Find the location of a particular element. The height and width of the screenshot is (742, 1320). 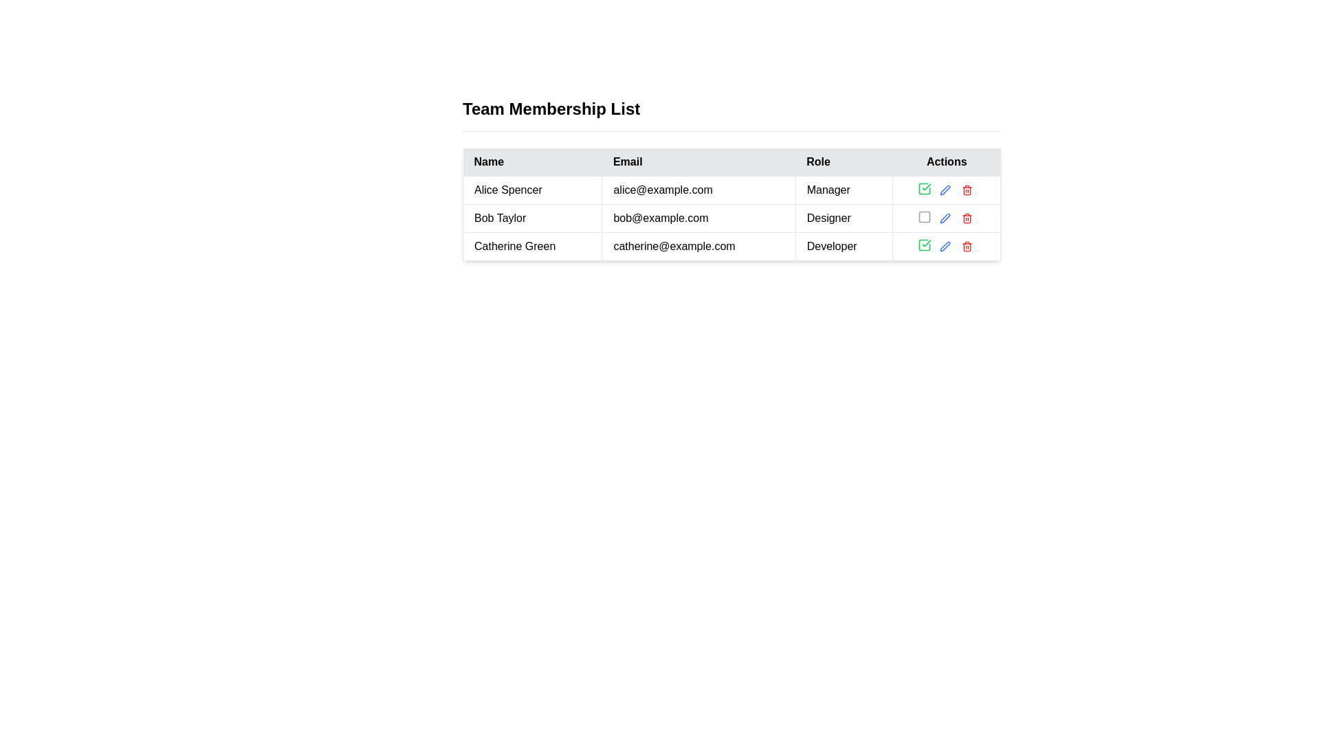

the text of the Data Table that lists team membership details including Name, Email, Role, and Actions is located at coordinates (731, 179).